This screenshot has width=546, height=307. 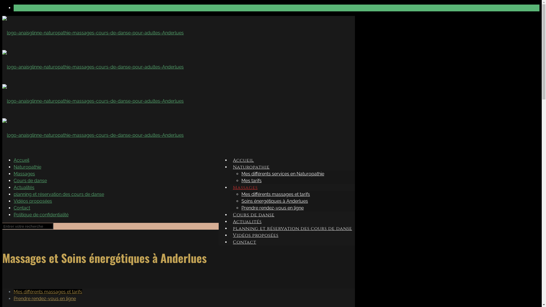 What do you see at coordinates (253, 215) in the screenshot?
I see `'Cours de danse'` at bounding box center [253, 215].